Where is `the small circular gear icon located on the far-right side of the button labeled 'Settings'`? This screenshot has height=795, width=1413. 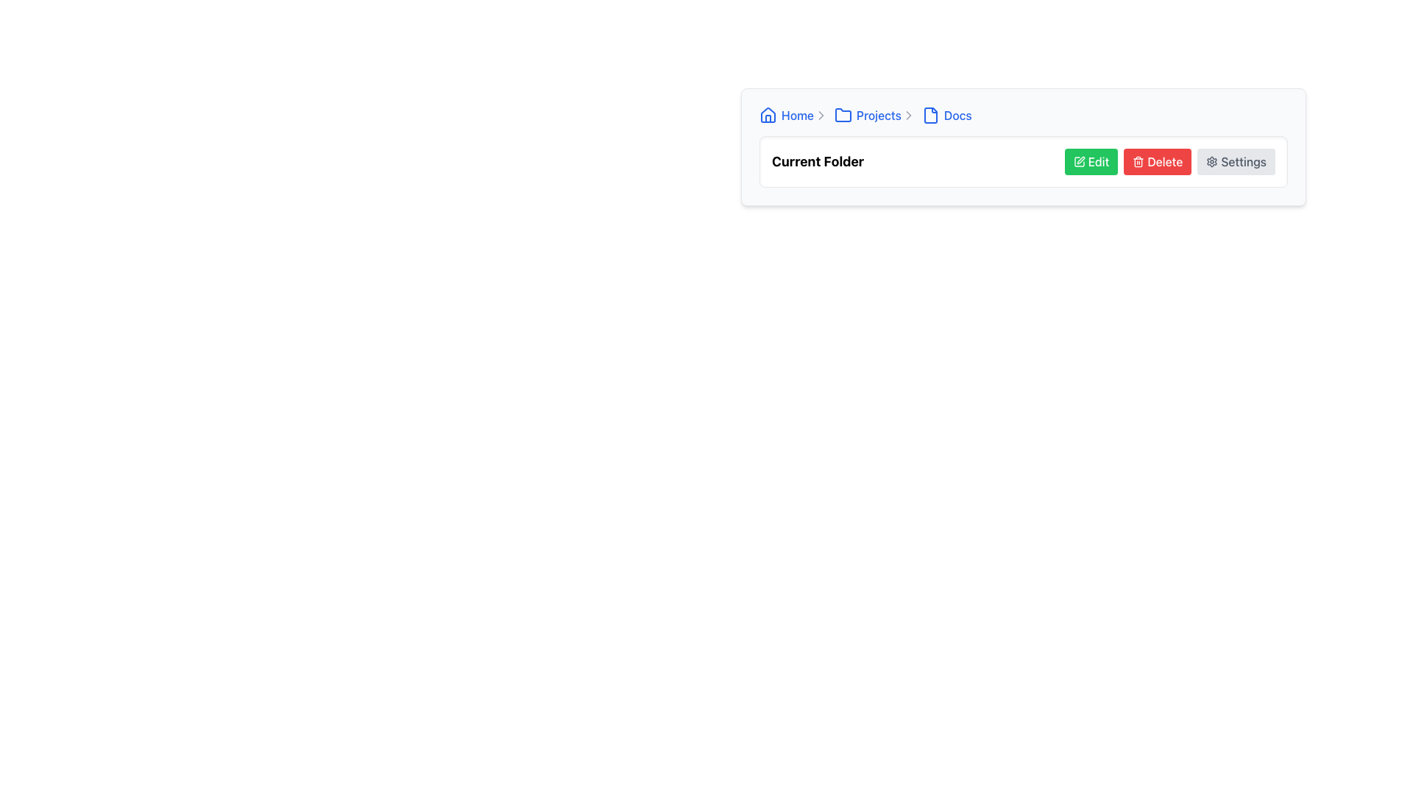
the small circular gear icon located on the far-right side of the button labeled 'Settings' is located at coordinates (1212, 161).